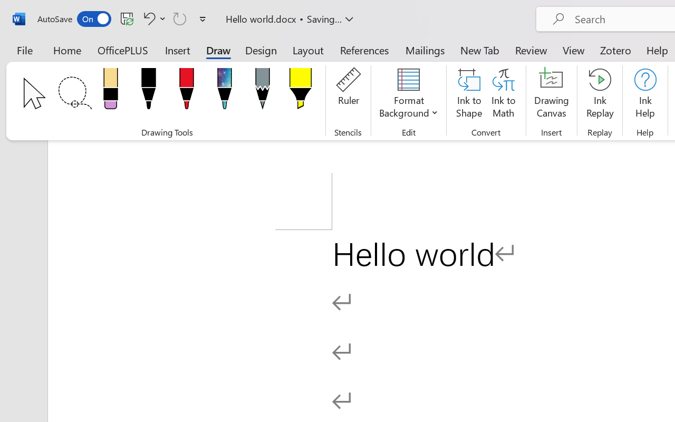  I want to click on 'Home', so click(67, 50).